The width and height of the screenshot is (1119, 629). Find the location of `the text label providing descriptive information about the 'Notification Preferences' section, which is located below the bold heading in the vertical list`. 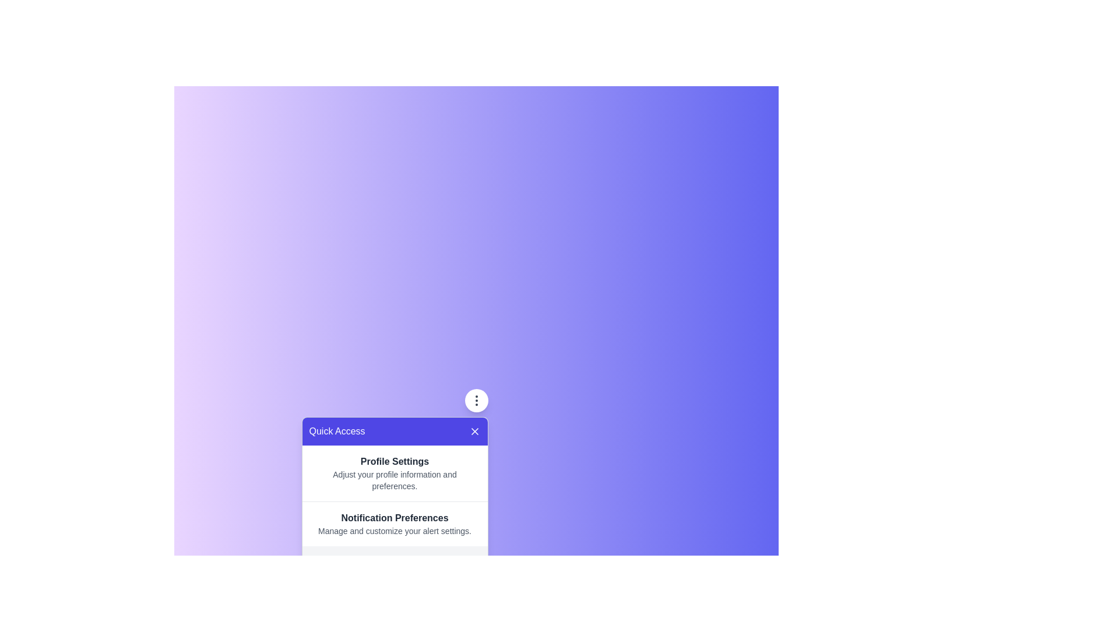

the text label providing descriptive information about the 'Notification Preferences' section, which is located below the bold heading in the vertical list is located at coordinates (395, 531).